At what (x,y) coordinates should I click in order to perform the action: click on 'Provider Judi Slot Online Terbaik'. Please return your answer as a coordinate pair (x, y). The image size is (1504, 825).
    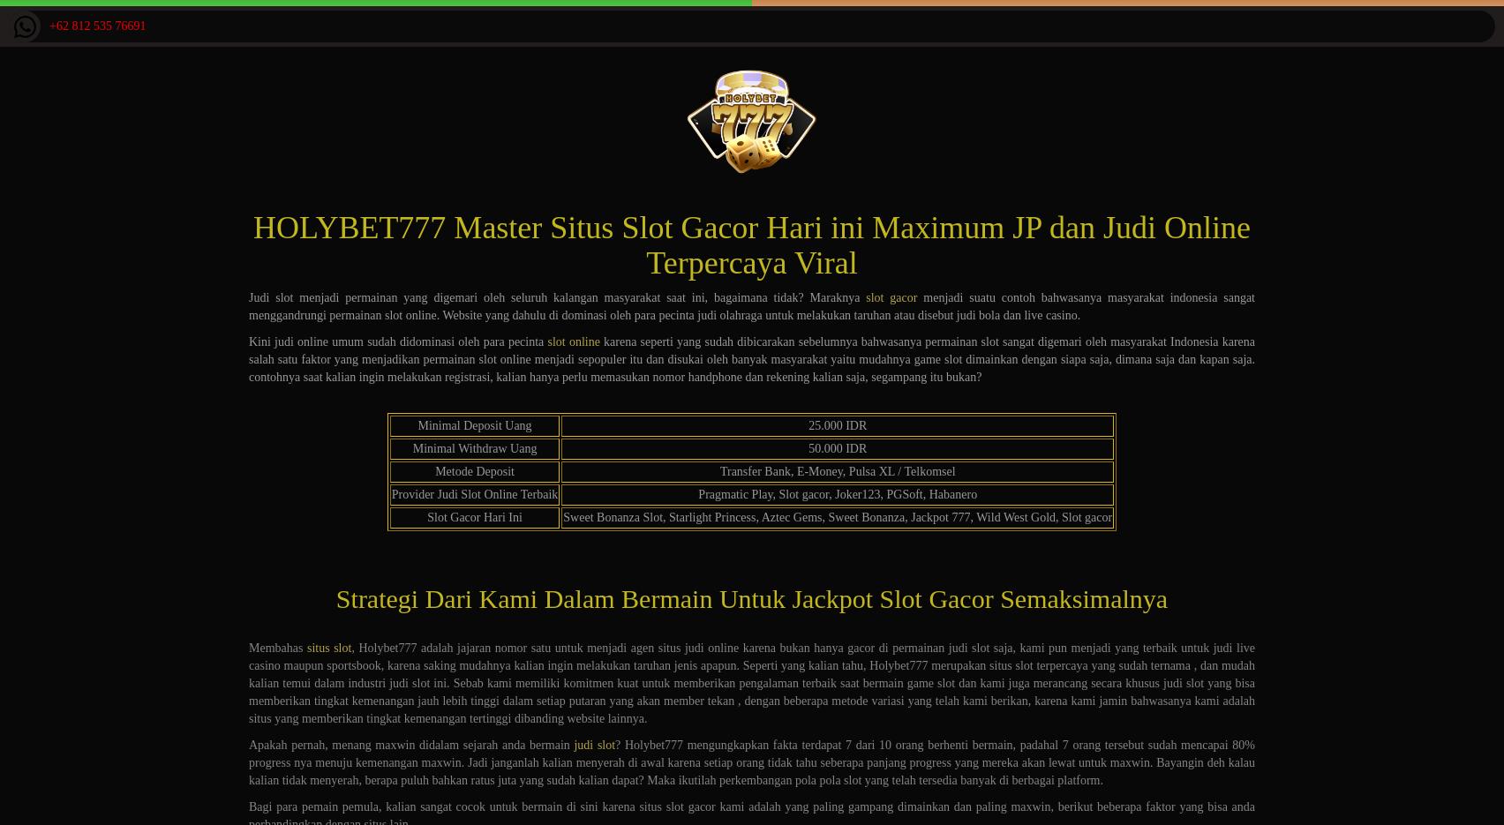
    Looking at the image, I should click on (391, 494).